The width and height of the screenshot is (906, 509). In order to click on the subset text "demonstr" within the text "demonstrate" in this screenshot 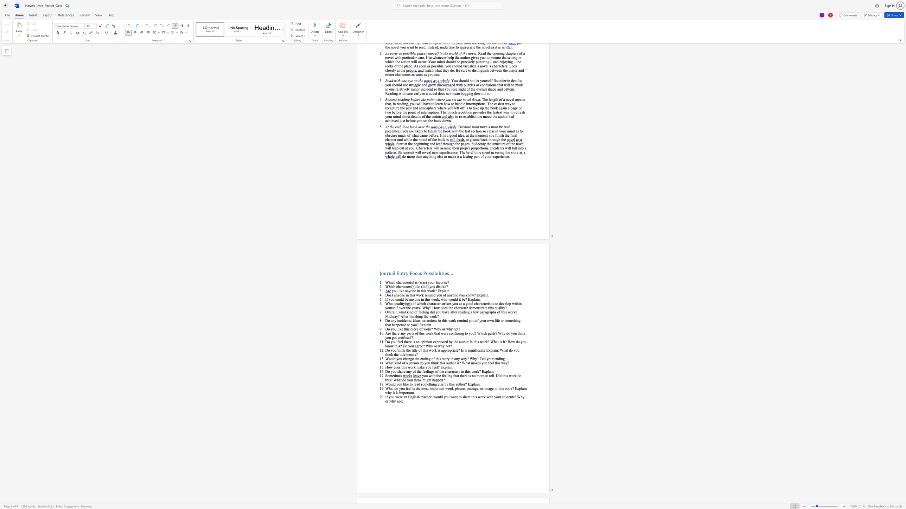, I will do `click(468, 307)`.